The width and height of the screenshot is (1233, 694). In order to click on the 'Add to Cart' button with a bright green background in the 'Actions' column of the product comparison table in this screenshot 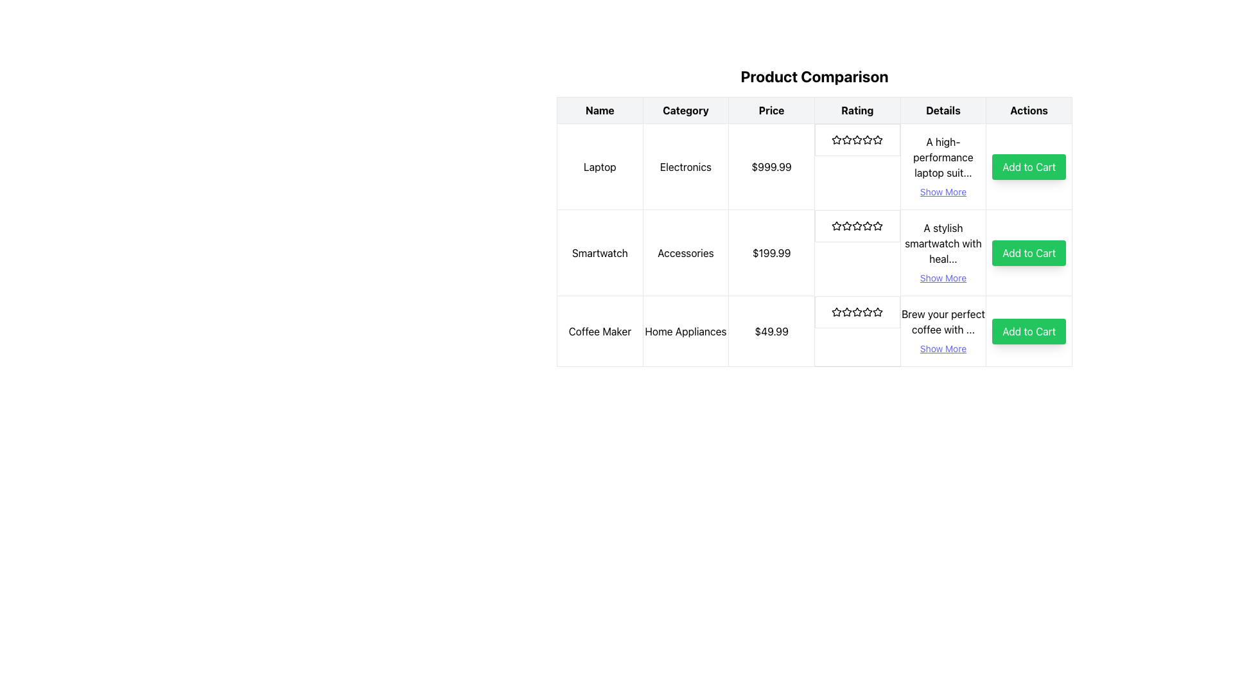, I will do `click(1029, 166)`.